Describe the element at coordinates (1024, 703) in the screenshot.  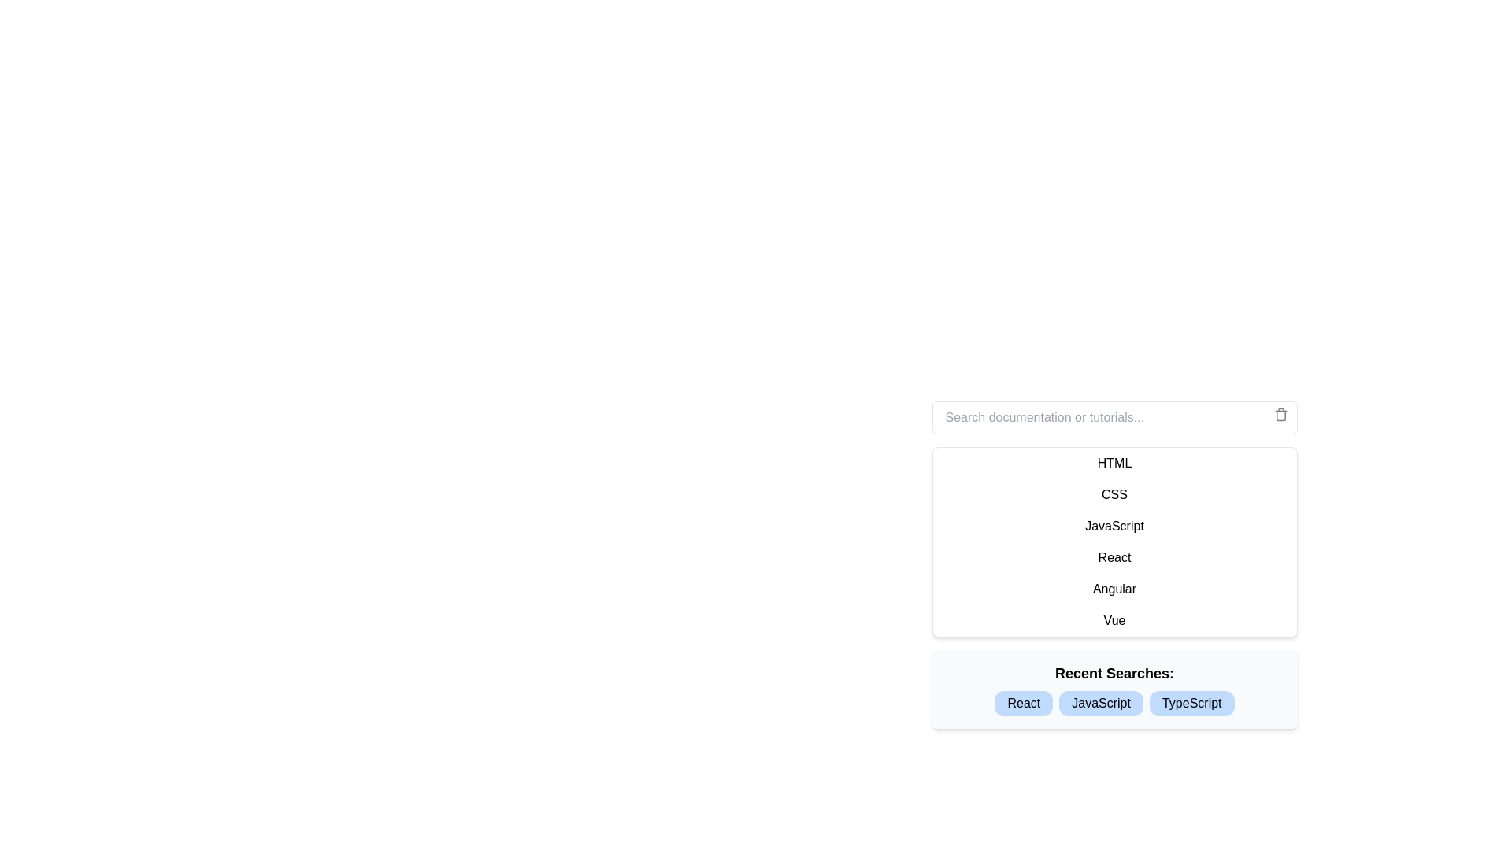
I see `the first Pill-shaped label under 'Recent Searches'` at that location.